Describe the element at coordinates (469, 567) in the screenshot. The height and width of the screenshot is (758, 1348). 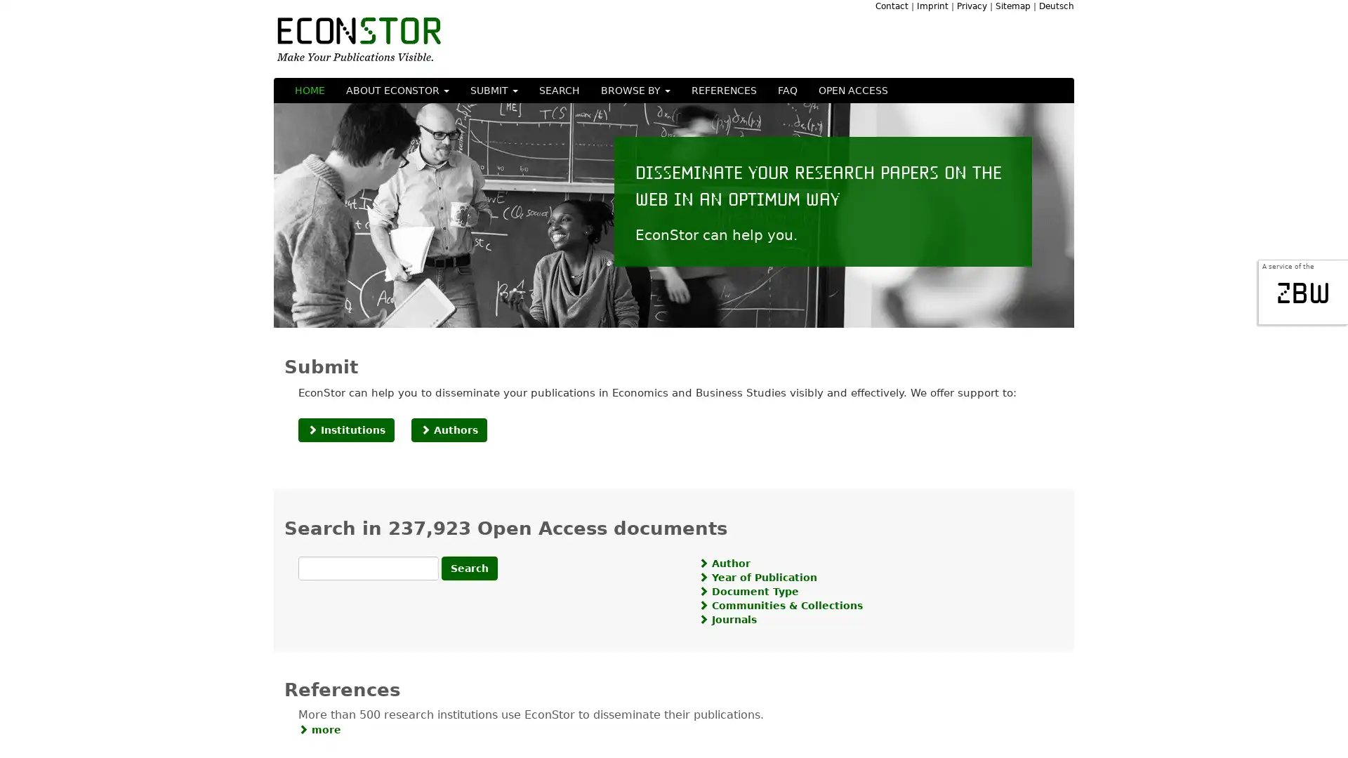
I see `Search` at that location.